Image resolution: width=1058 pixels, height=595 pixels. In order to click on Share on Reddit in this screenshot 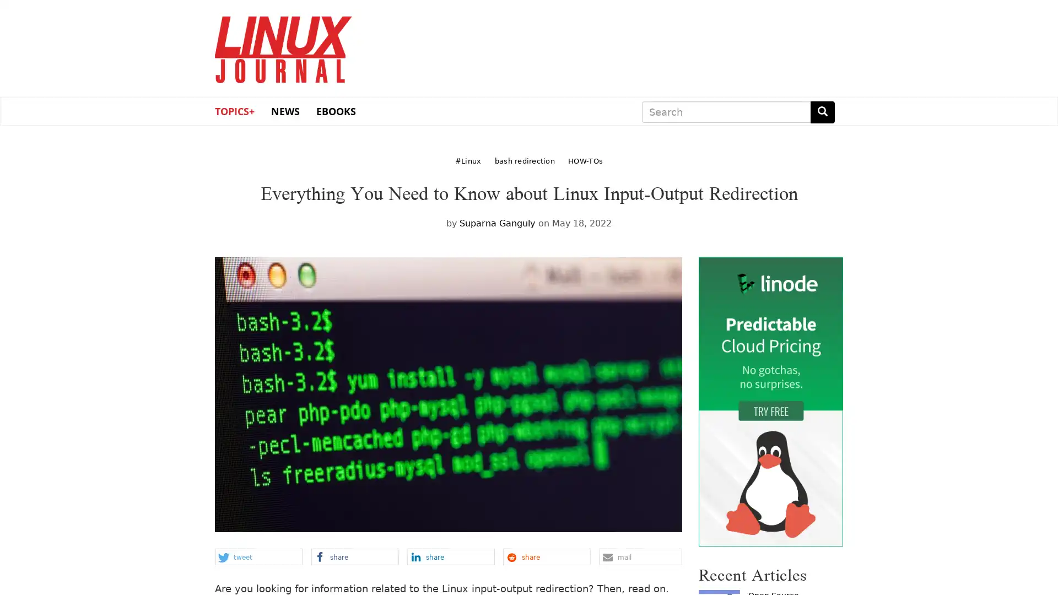, I will do `click(546, 556)`.